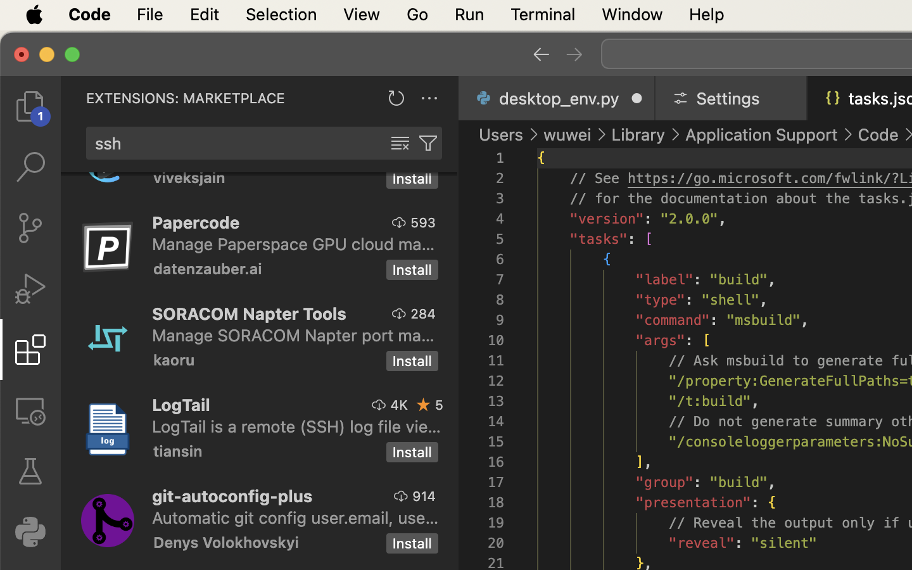 Image resolution: width=912 pixels, height=570 pixels. What do you see at coordinates (574, 54) in the screenshot?
I see `''` at bounding box center [574, 54].